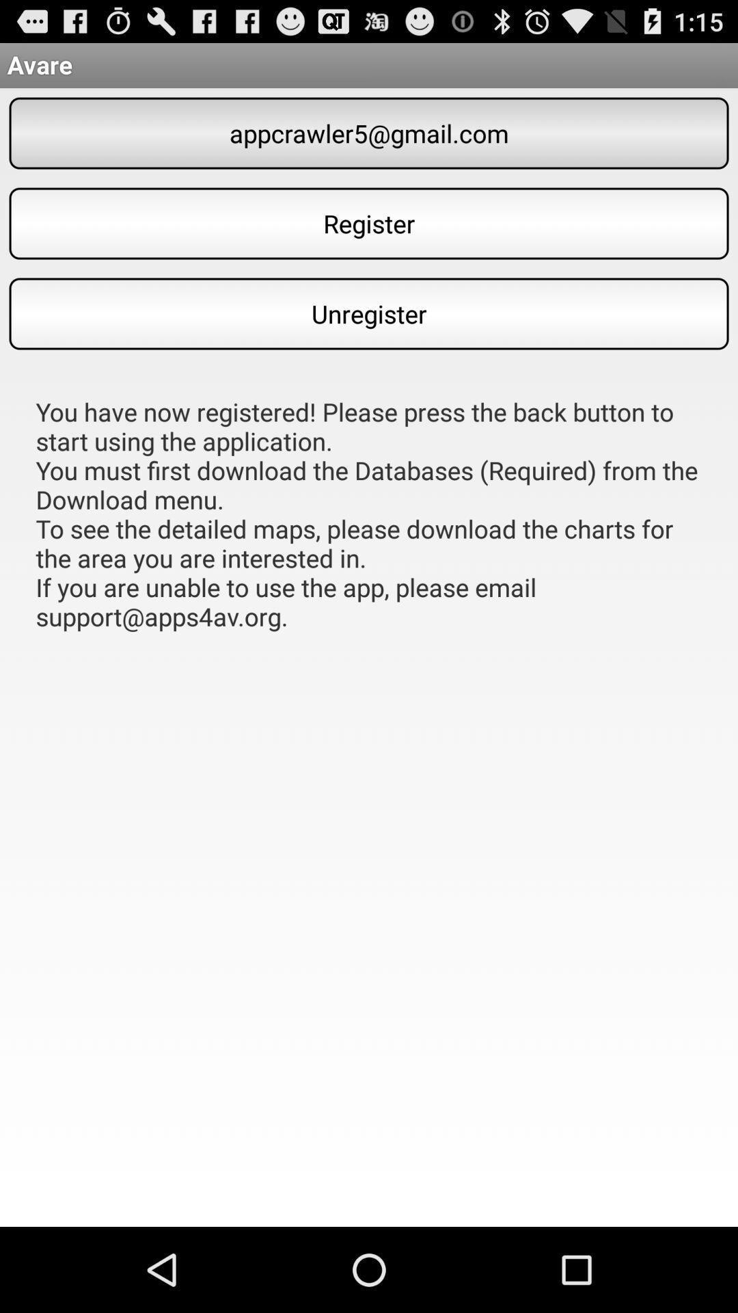  What do you see at coordinates (369, 223) in the screenshot?
I see `register item` at bounding box center [369, 223].